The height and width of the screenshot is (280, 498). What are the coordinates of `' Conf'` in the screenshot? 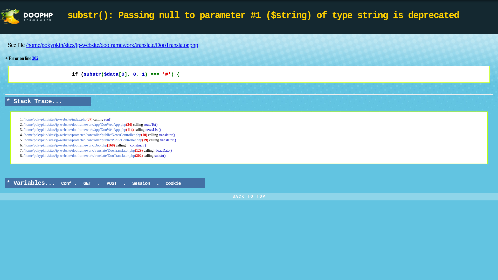 It's located at (66, 183).